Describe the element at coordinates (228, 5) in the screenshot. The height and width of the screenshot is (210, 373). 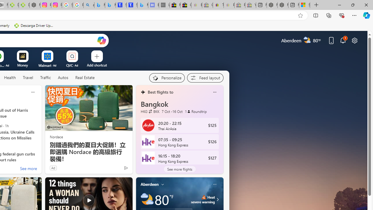
I see `'Payments Terms of Use | eBay.com - Sleeping'` at that location.